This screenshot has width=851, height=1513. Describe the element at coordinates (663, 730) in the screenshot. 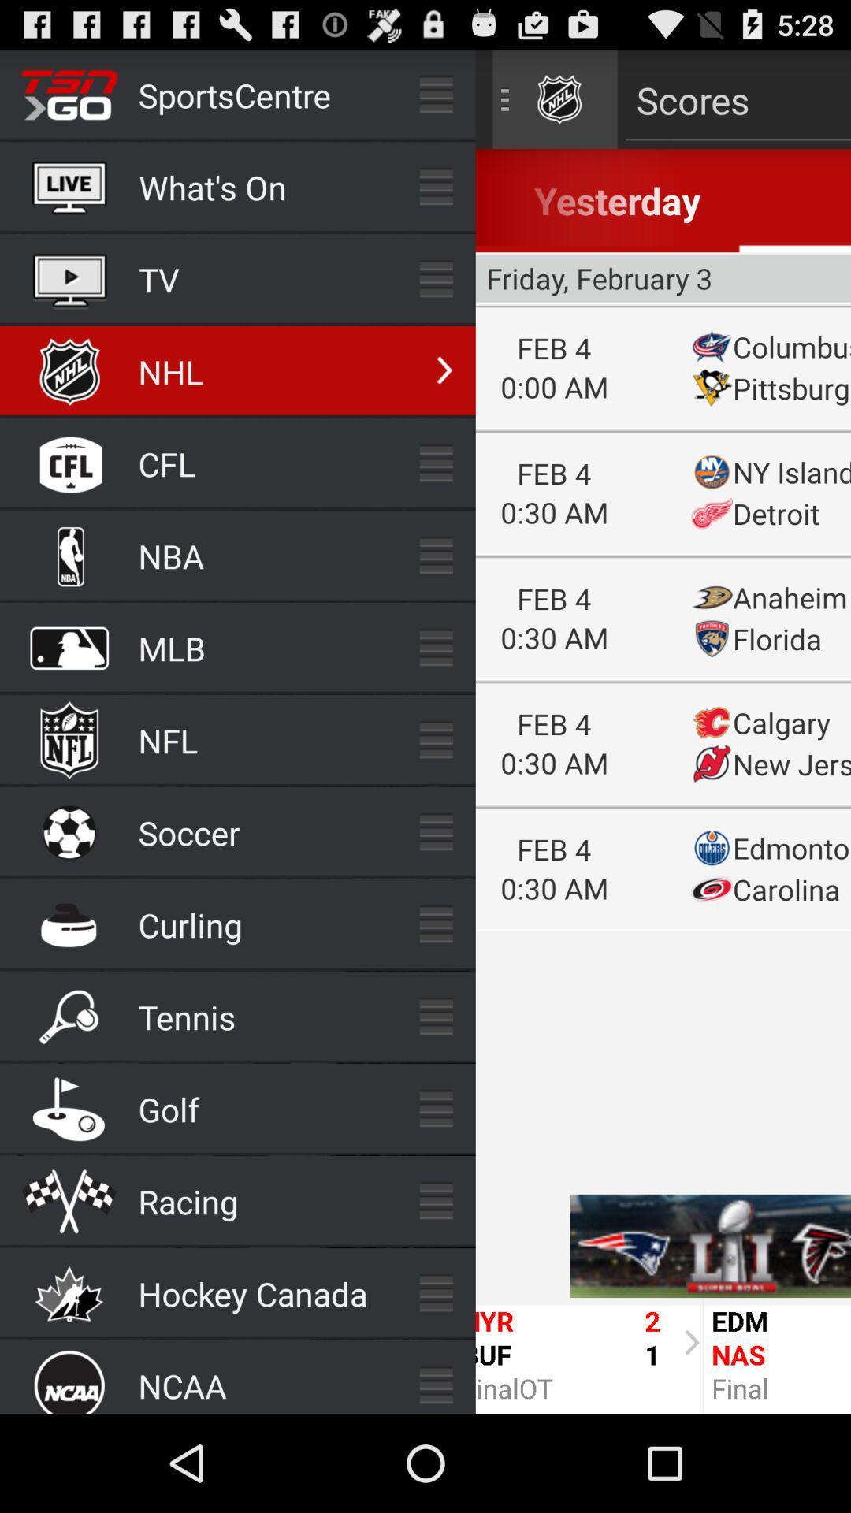

I see `return to main screen` at that location.